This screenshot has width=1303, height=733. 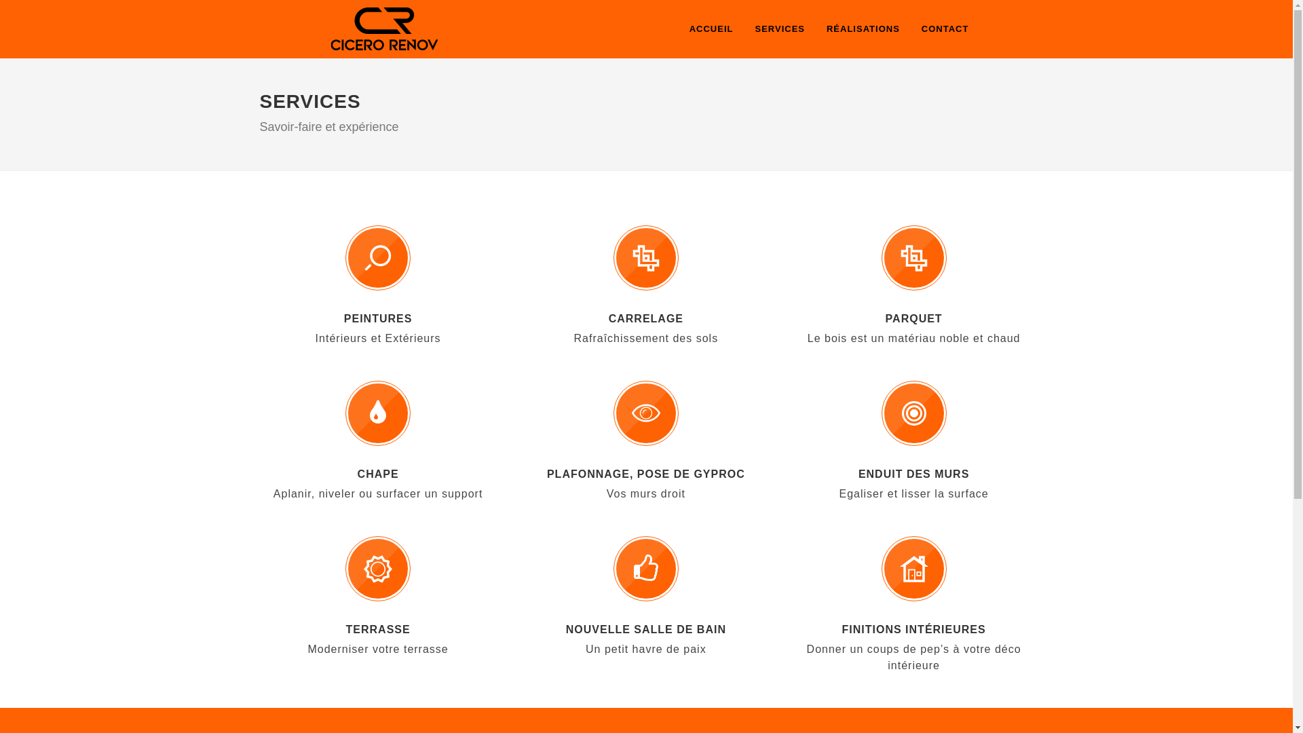 What do you see at coordinates (711, 29) in the screenshot?
I see `'ACCUEIL'` at bounding box center [711, 29].